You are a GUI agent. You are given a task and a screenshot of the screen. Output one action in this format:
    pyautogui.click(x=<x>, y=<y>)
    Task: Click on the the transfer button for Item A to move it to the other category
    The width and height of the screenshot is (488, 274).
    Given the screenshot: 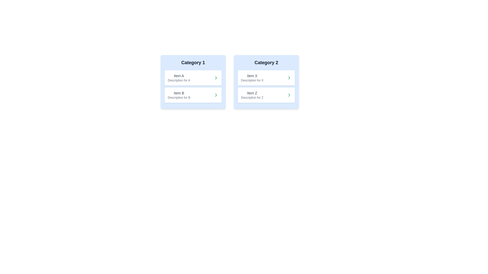 What is the action you would take?
    pyautogui.click(x=216, y=78)
    